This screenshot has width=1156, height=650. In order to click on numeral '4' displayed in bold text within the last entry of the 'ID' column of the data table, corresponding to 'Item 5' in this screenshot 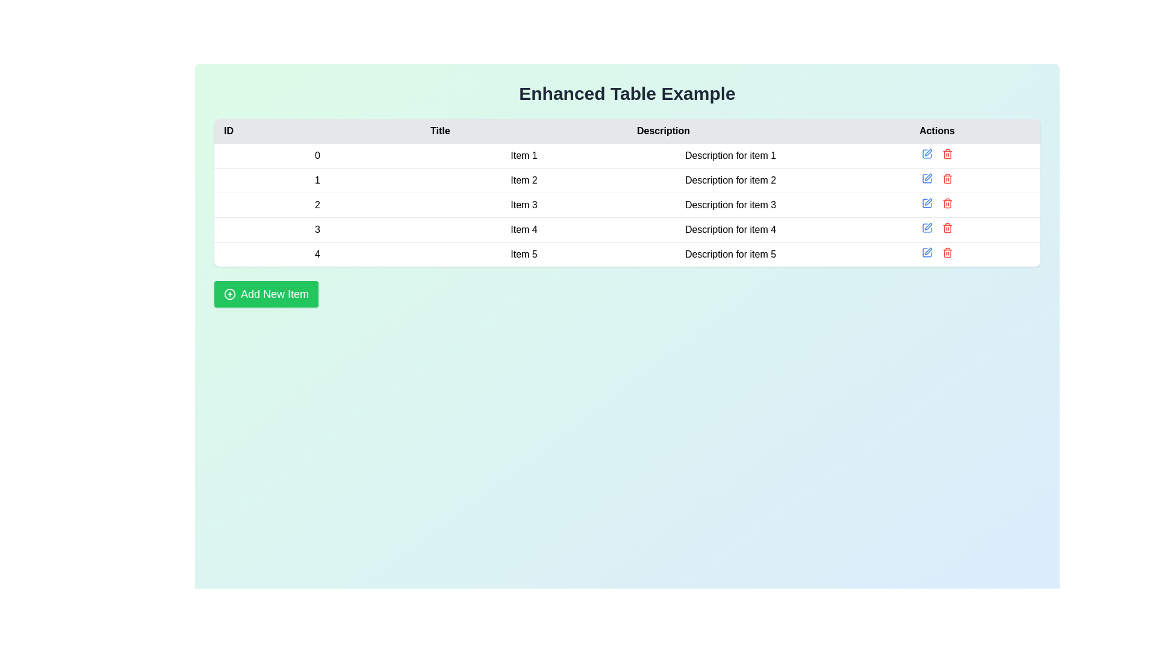, I will do `click(317, 253)`.